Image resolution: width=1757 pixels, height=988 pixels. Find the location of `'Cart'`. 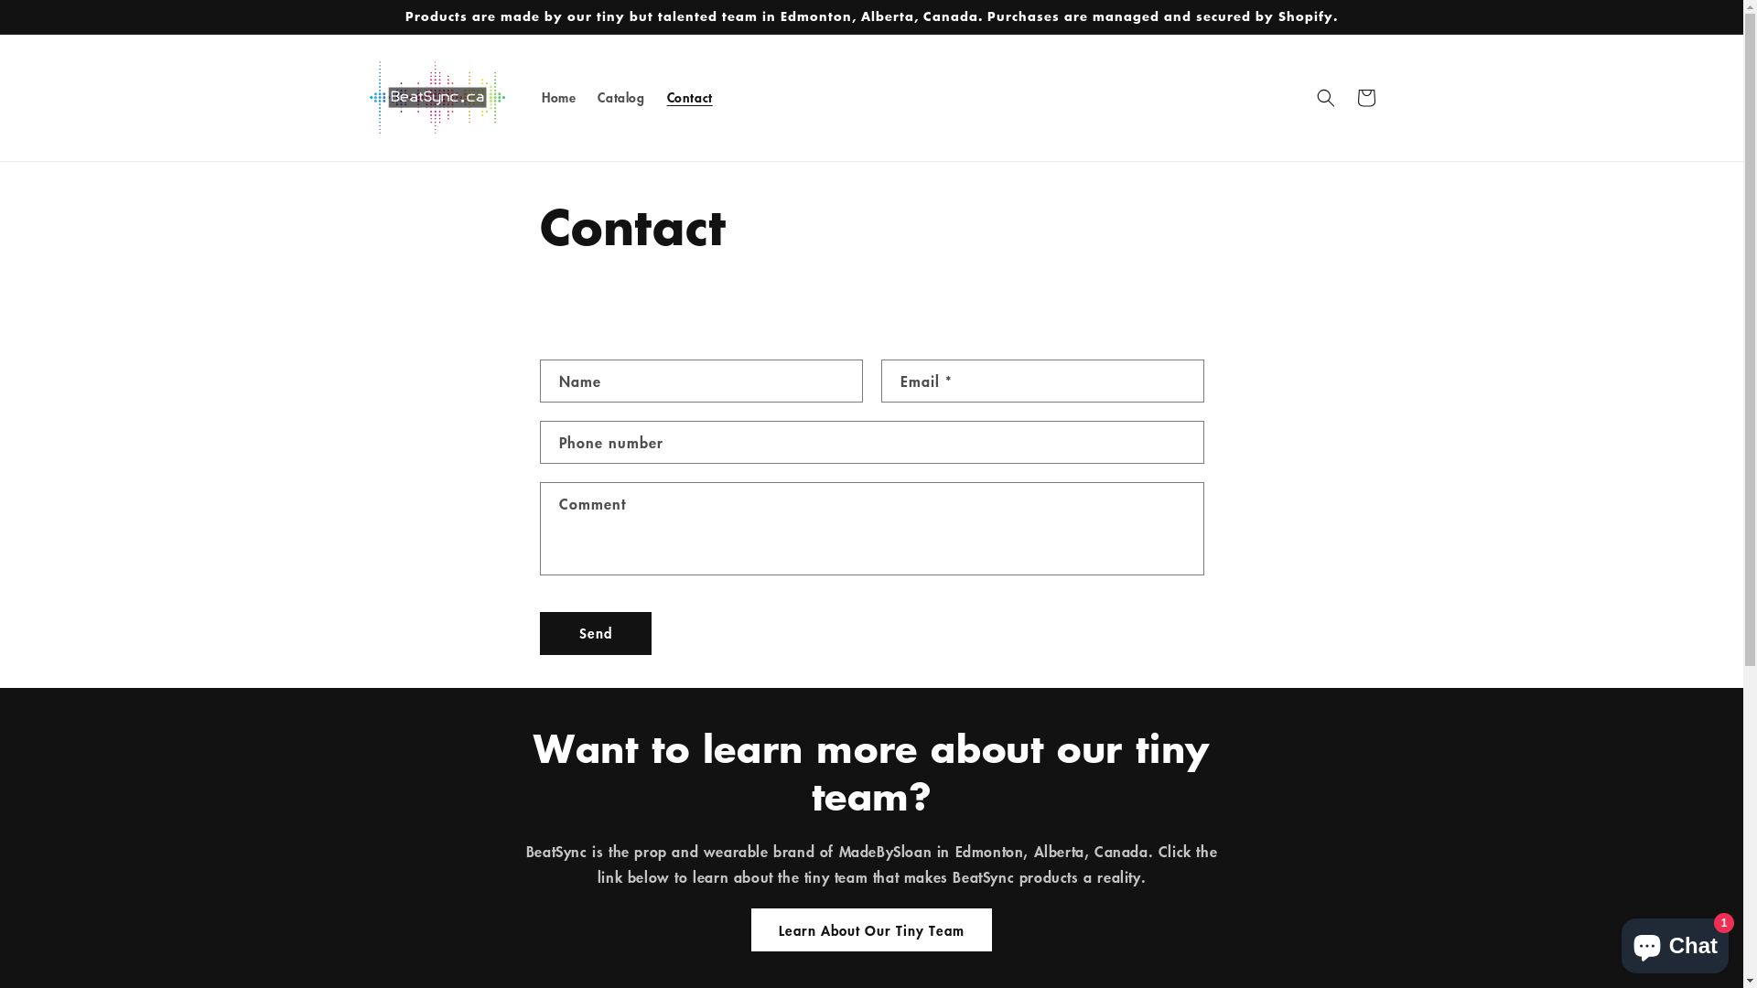

'Cart' is located at coordinates (1365, 98).